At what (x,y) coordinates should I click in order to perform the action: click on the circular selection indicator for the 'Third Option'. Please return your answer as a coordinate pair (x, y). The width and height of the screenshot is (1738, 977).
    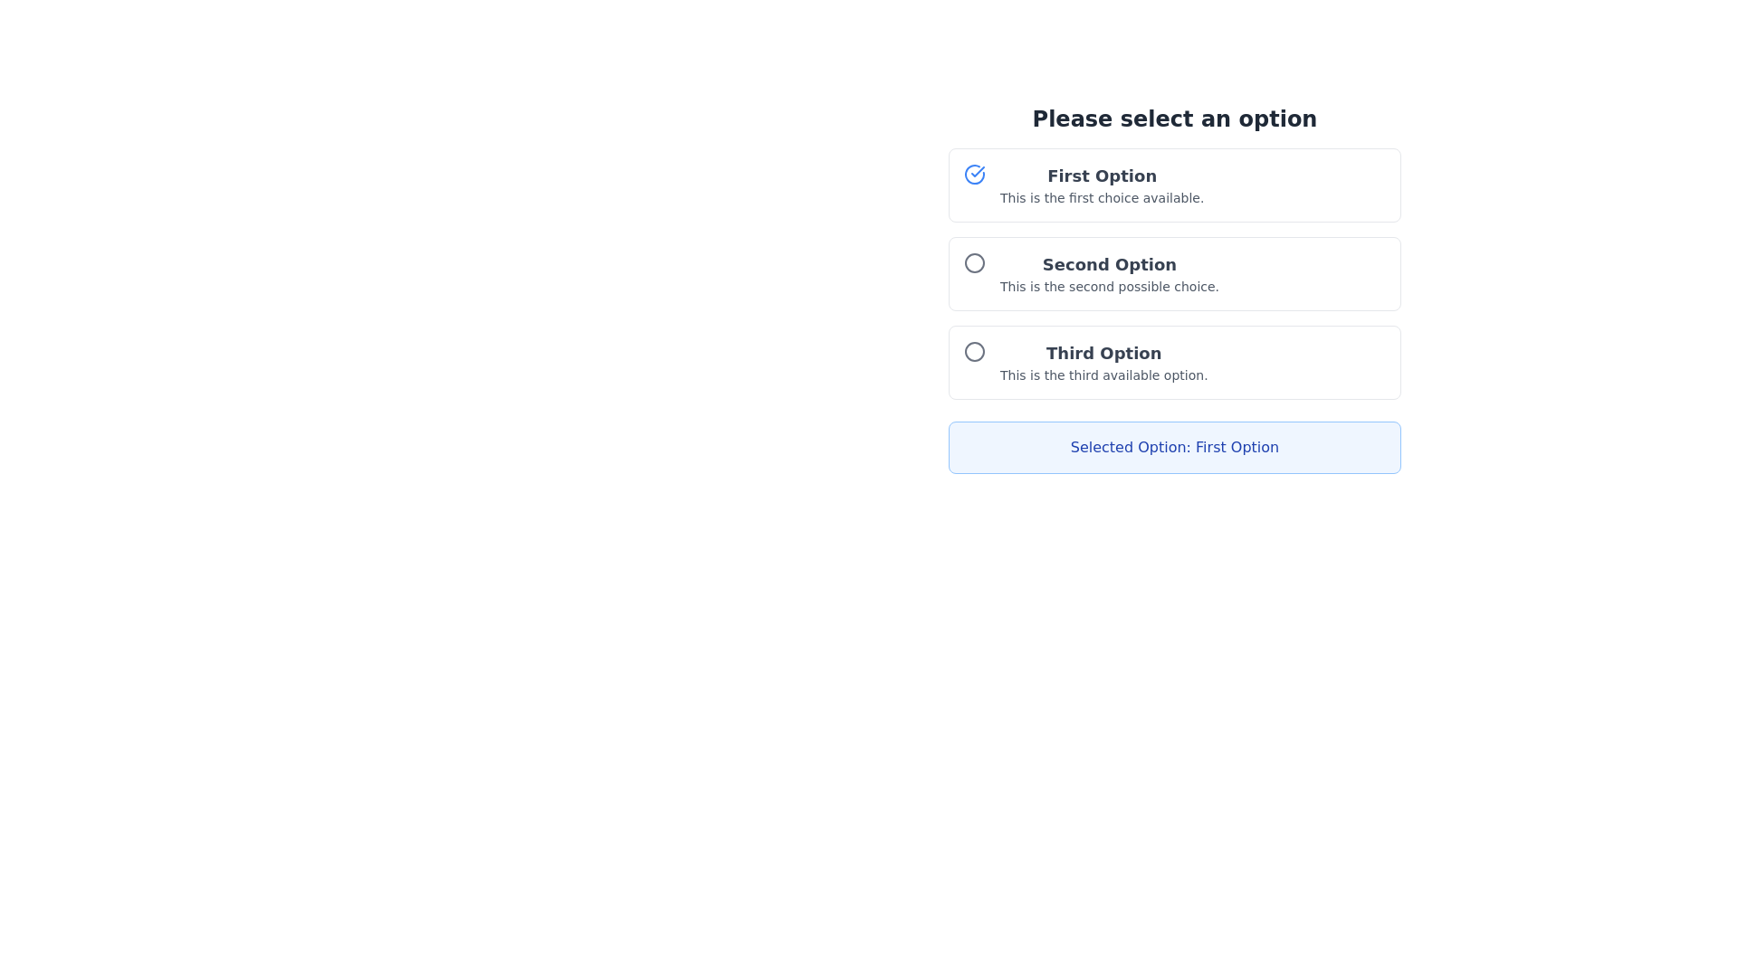
    Looking at the image, I should click on (973, 352).